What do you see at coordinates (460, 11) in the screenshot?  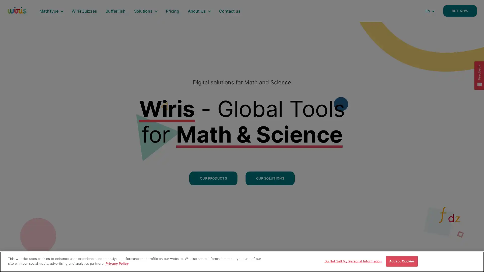 I see `BUY NOW` at bounding box center [460, 11].